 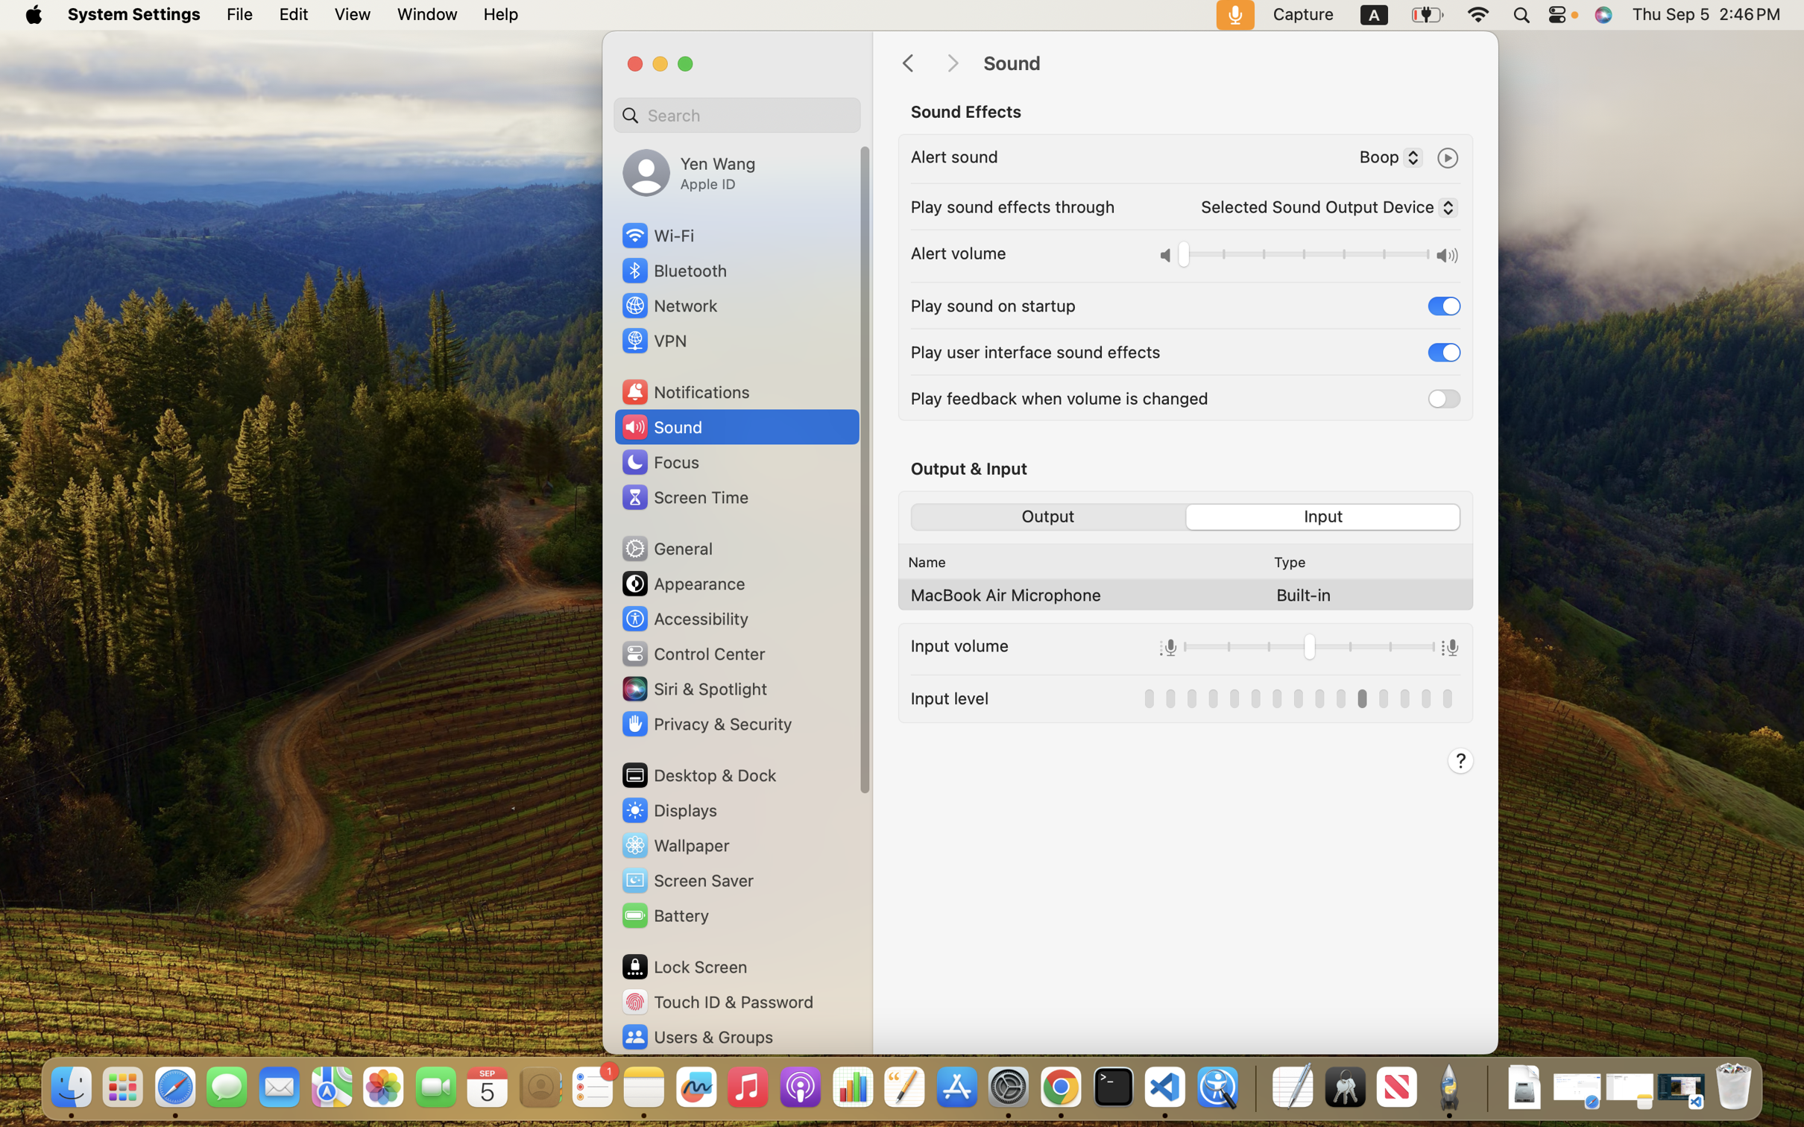 What do you see at coordinates (955, 156) in the screenshot?
I see `'Alert sound'` at bounding box center [955, 156].